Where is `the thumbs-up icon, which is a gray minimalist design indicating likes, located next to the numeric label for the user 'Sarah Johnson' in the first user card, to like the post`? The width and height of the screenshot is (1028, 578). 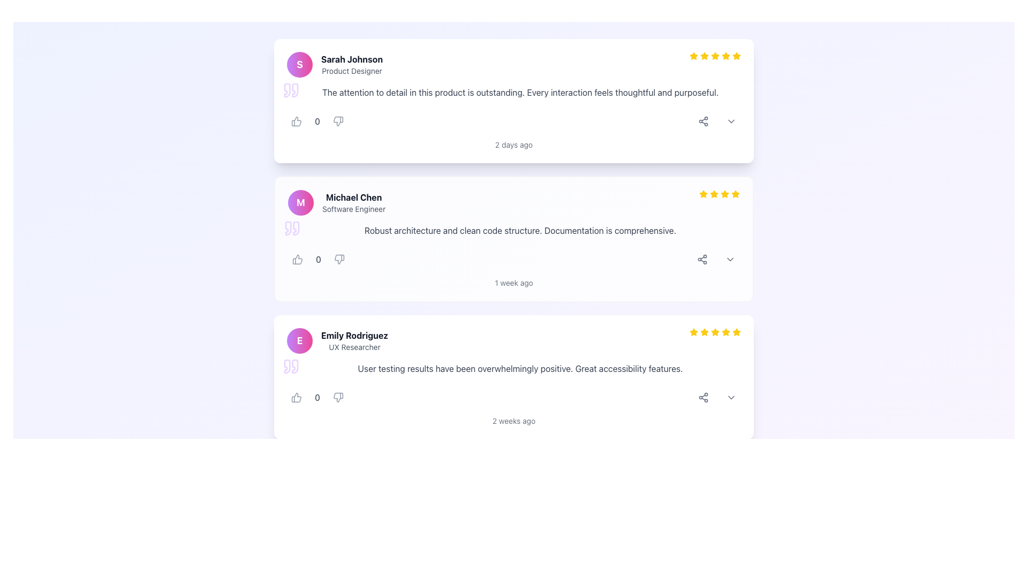
the thumbs-up icon, which is a gray minimalist design indicating likes, located next to the numeric label for the user 'Sarah Johnson' in the first user card, to like the post is located at coordinates (296, 121).